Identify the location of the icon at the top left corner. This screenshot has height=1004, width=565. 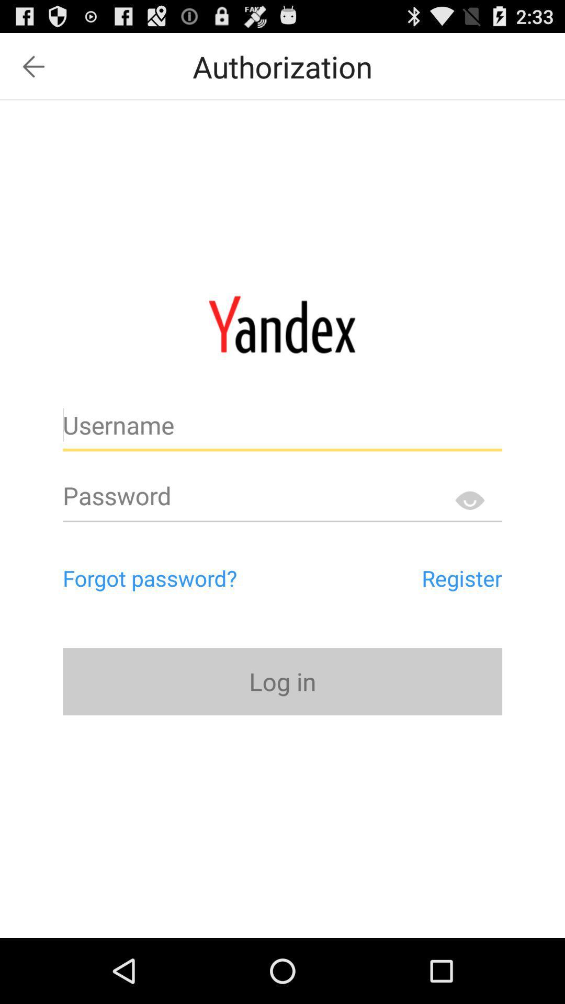
(33, 66).